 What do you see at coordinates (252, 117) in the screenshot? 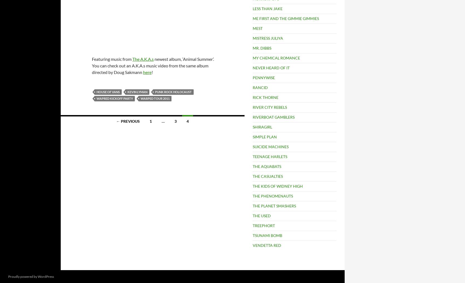
I see `'RIVERBOAT GAMBLERS'` at bounding box center [252, 117].